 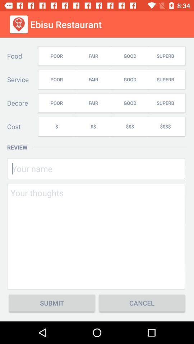 What do you see at coordinates (129, 126) in the screenshot?
I see `item next to $$ item` at bounding box center [129, 126].